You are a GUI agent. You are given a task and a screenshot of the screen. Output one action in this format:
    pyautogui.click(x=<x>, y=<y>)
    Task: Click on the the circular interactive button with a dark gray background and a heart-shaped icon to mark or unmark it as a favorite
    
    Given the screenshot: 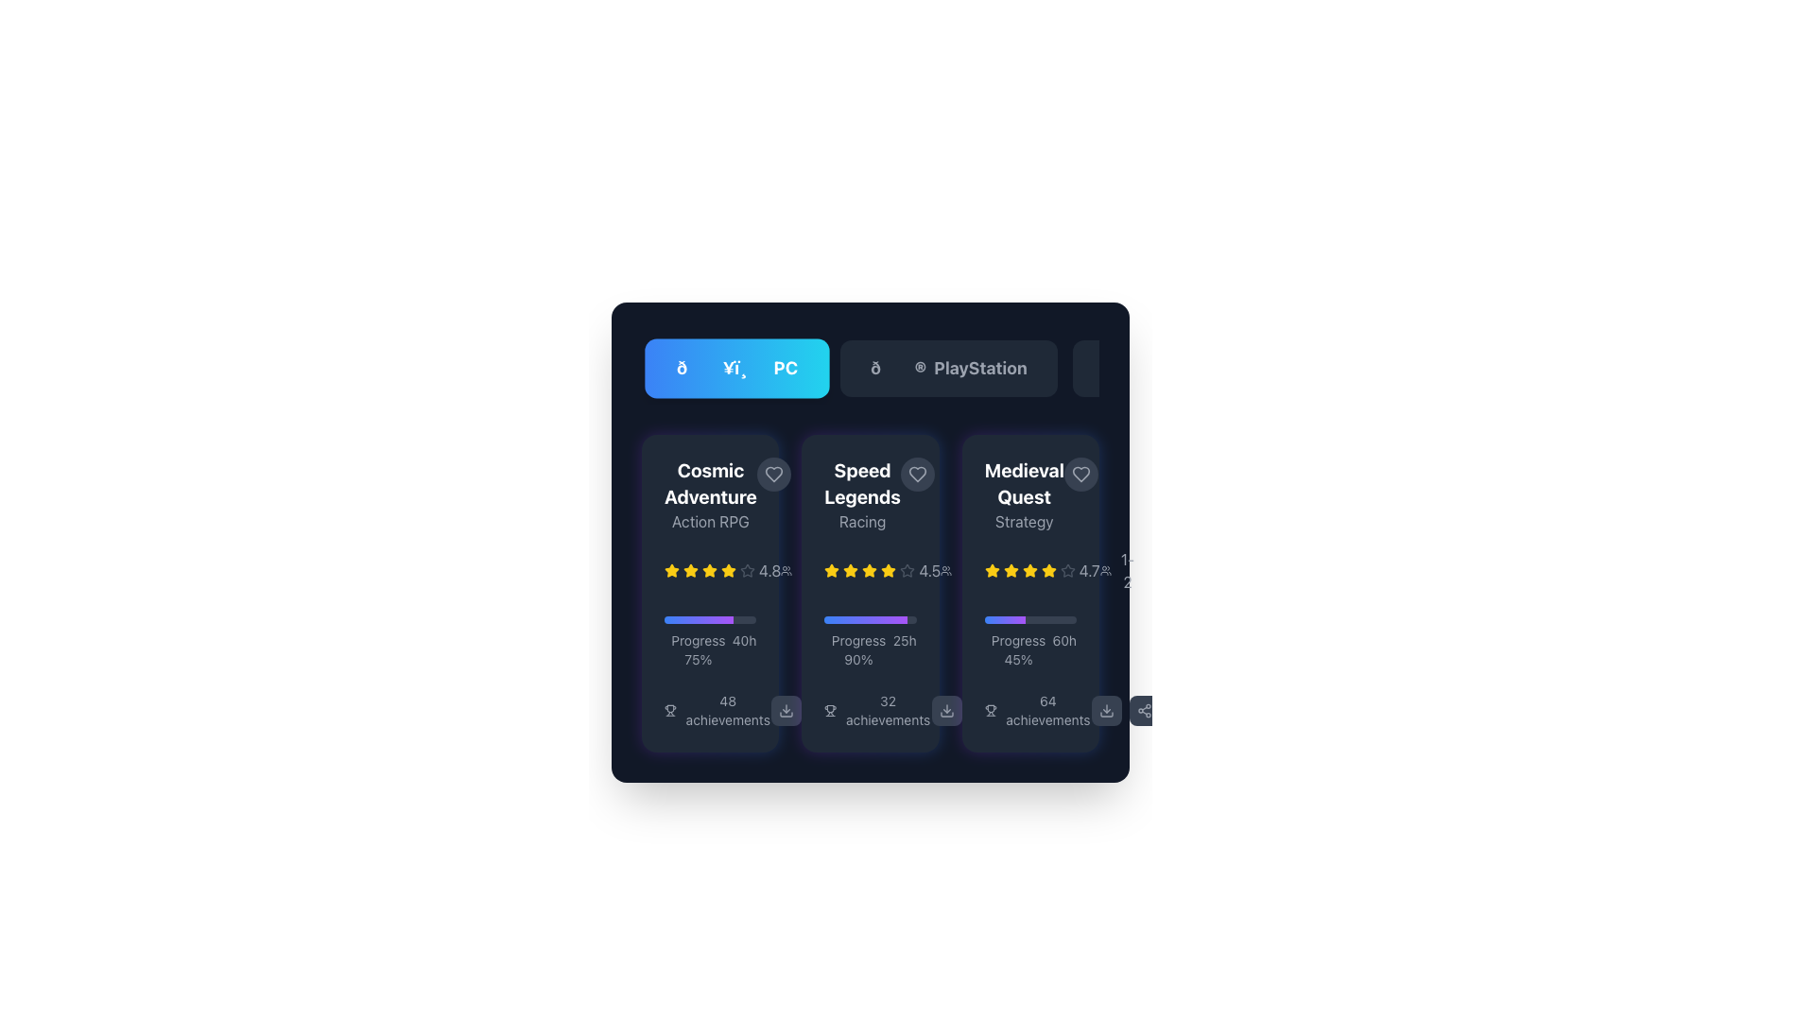 What is the action you would take?
    pyautogui.click(x=917, y=473)
    